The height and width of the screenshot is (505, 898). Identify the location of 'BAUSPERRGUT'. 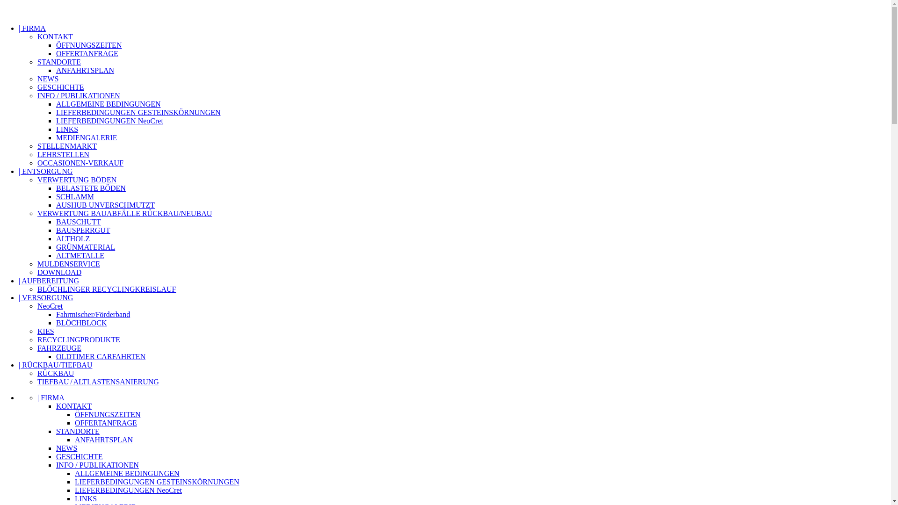
(83, 230).